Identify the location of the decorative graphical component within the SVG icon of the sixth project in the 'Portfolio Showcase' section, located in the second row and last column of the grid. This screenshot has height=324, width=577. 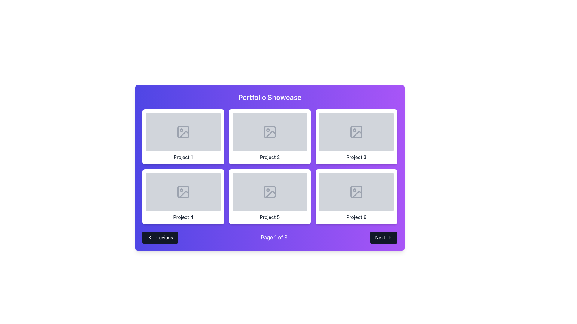
(357, 194).